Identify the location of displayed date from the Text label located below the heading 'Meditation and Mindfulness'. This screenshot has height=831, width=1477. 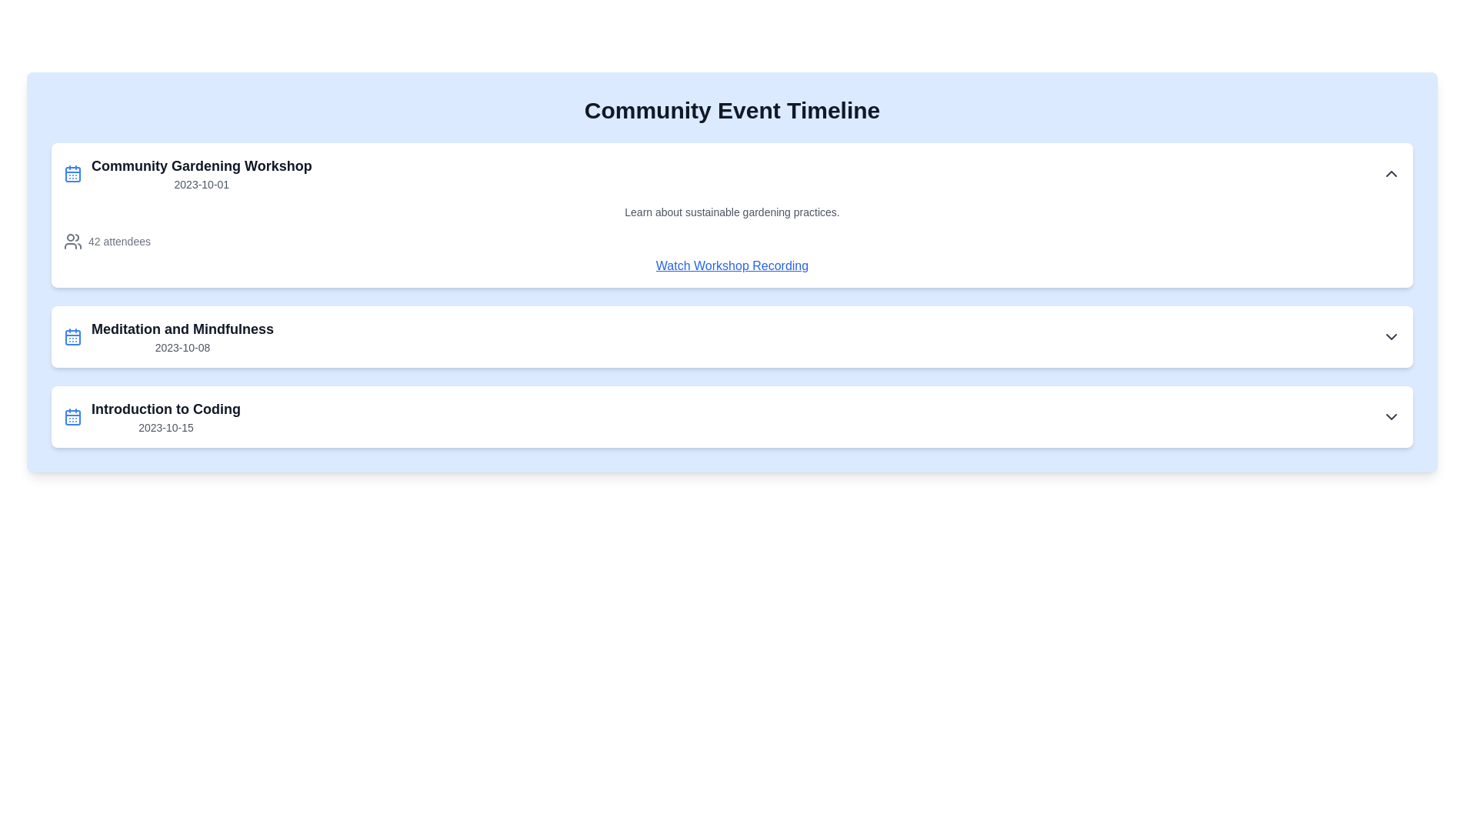
(182, 347).